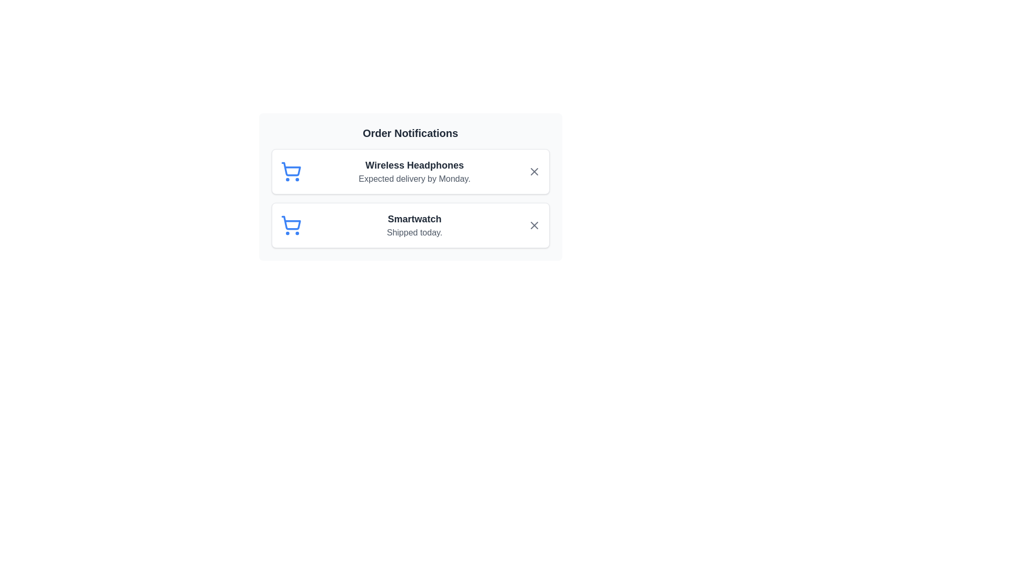 Image resolution: width=1011 pixels, height=569 pixels. Describe the element at coordinates (534, 225) in the screenshot. I see `the close button of the order identified by Smartwatch` at that location.